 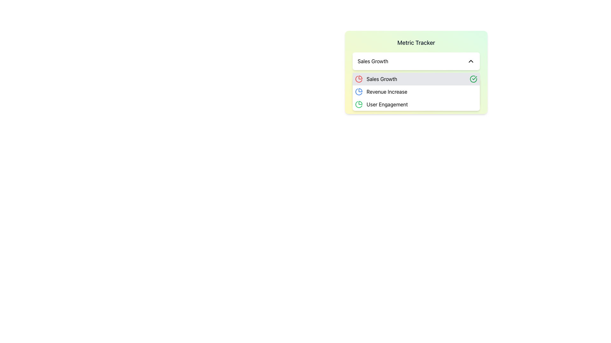 What do you see at coordinates (474, 78) in the screenshot?
I see `the 'Sales Growth' metric selection icon located on the right side of the 'Sales Growth' option in the drop-down menu` at bounding box center [474, 78].